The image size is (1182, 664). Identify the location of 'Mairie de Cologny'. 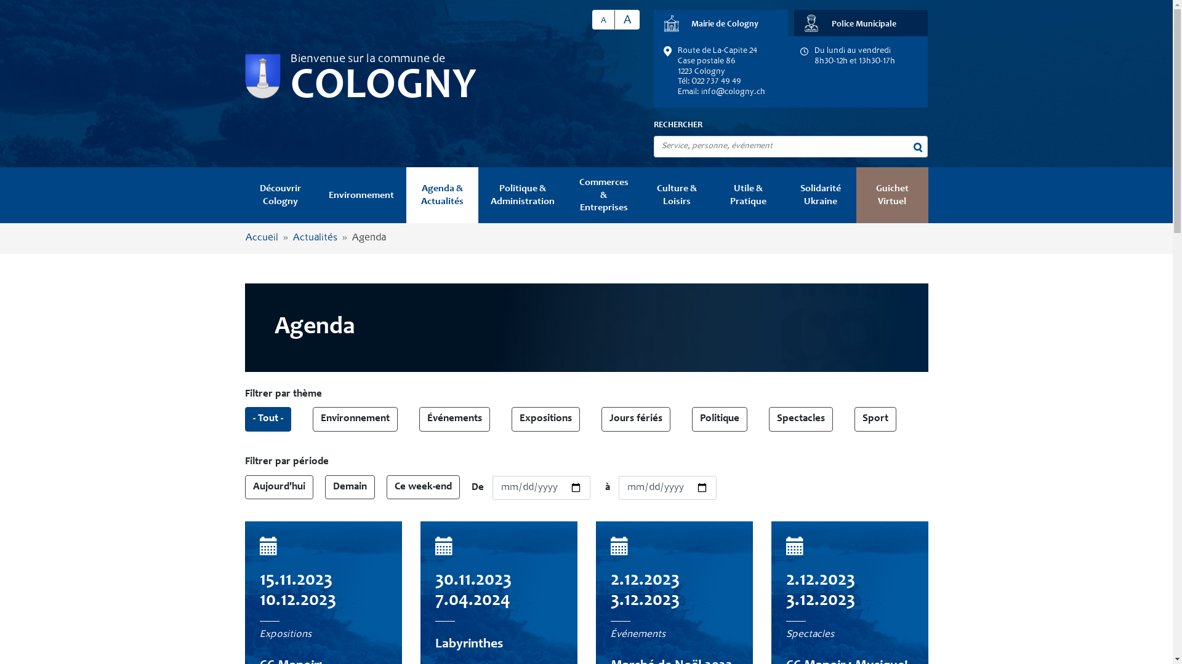
(721, 23).